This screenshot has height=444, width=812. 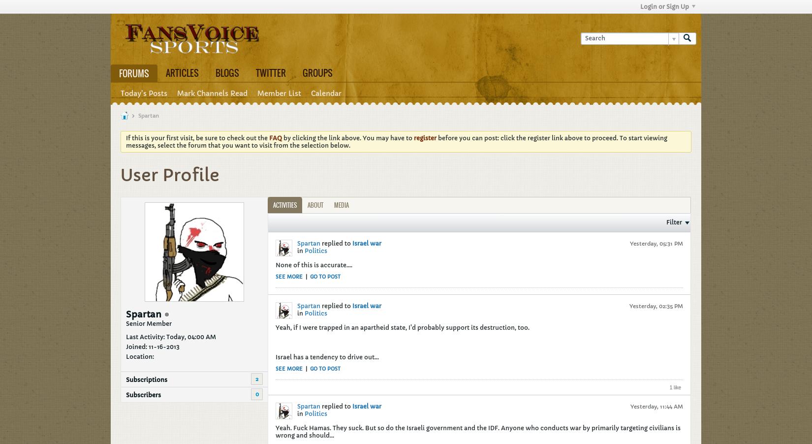 I want to click on 'Filter', so click(x=673, y=222).